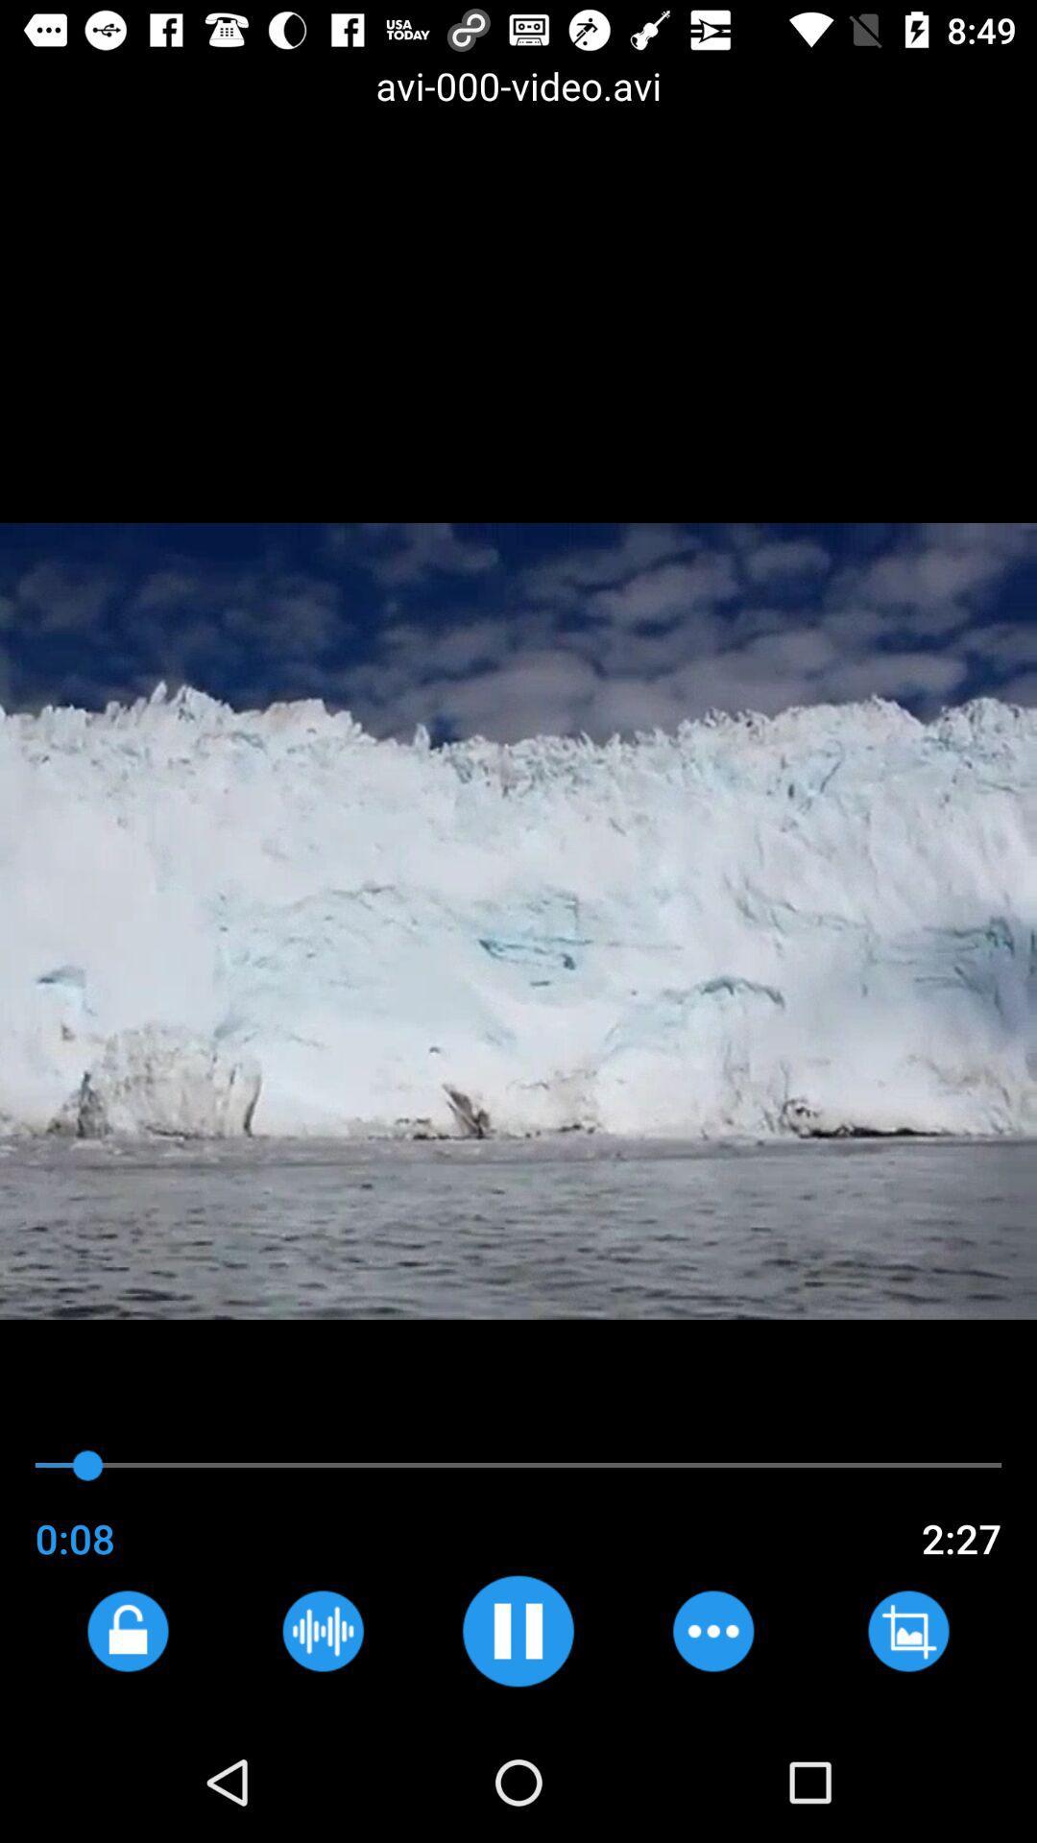  Describe the element at coordinates (907, 1630) in the screenshot. I see `crop button` at that location.